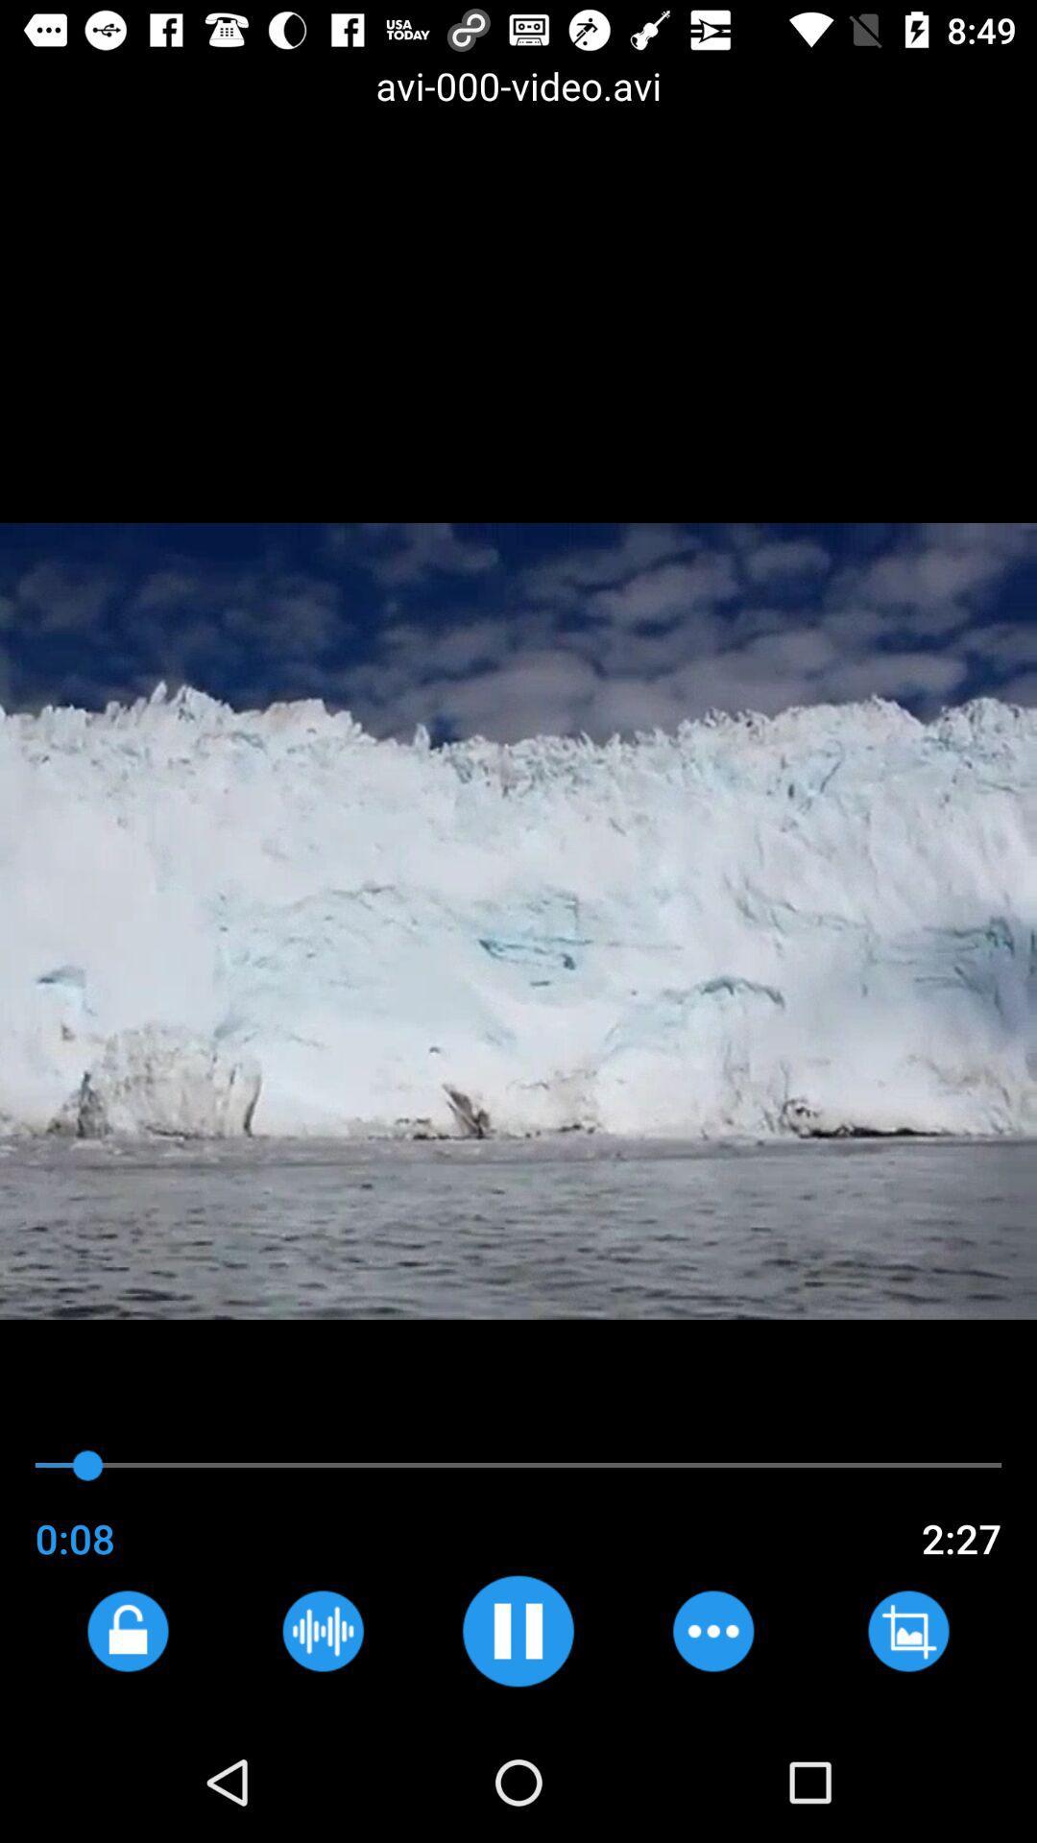  Describe the element at coordinates (907, 1630) in the screenshot. I see `crop button` at that location.